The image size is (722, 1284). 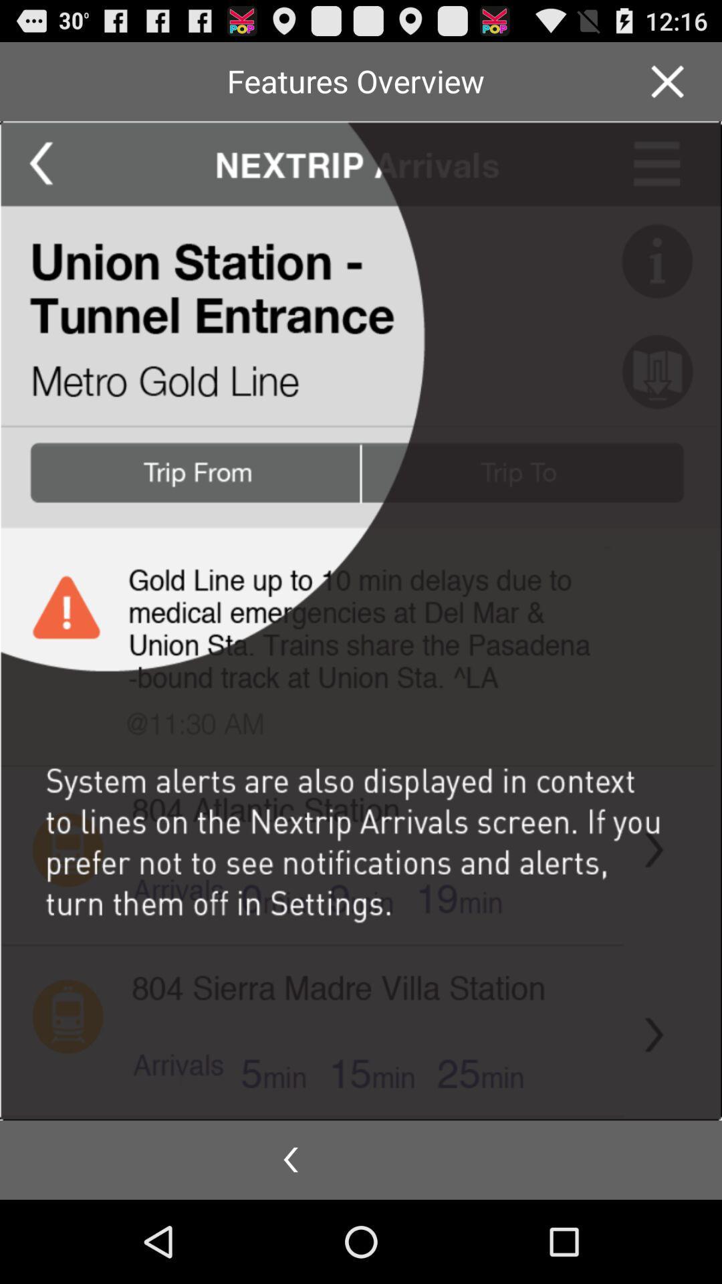 What do you see at coordinates (667, 86) in the screenshot?
I see `the close icon` at bounding box center [667, 86].